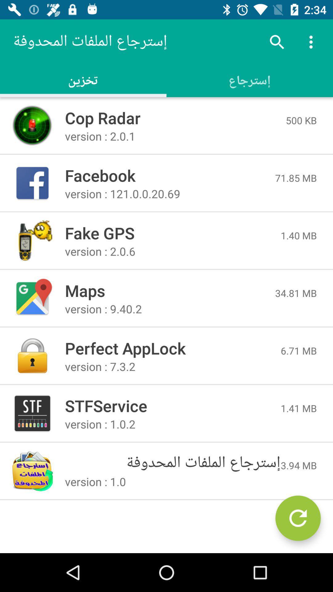 The width and height of the screenshot is (333, 592). What do you see at coordinates (296, 293) in the screenshot?
I see `item below version 2 0 icon` at bounding box center [296, 293].